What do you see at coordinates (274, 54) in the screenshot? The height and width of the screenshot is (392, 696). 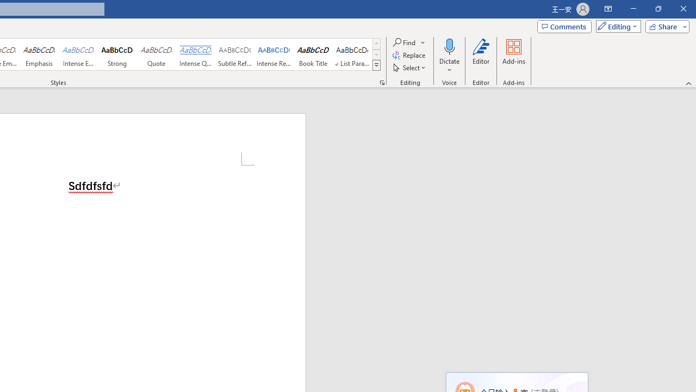 I see `'Intense Reference'` at bounding box center [274, 54].